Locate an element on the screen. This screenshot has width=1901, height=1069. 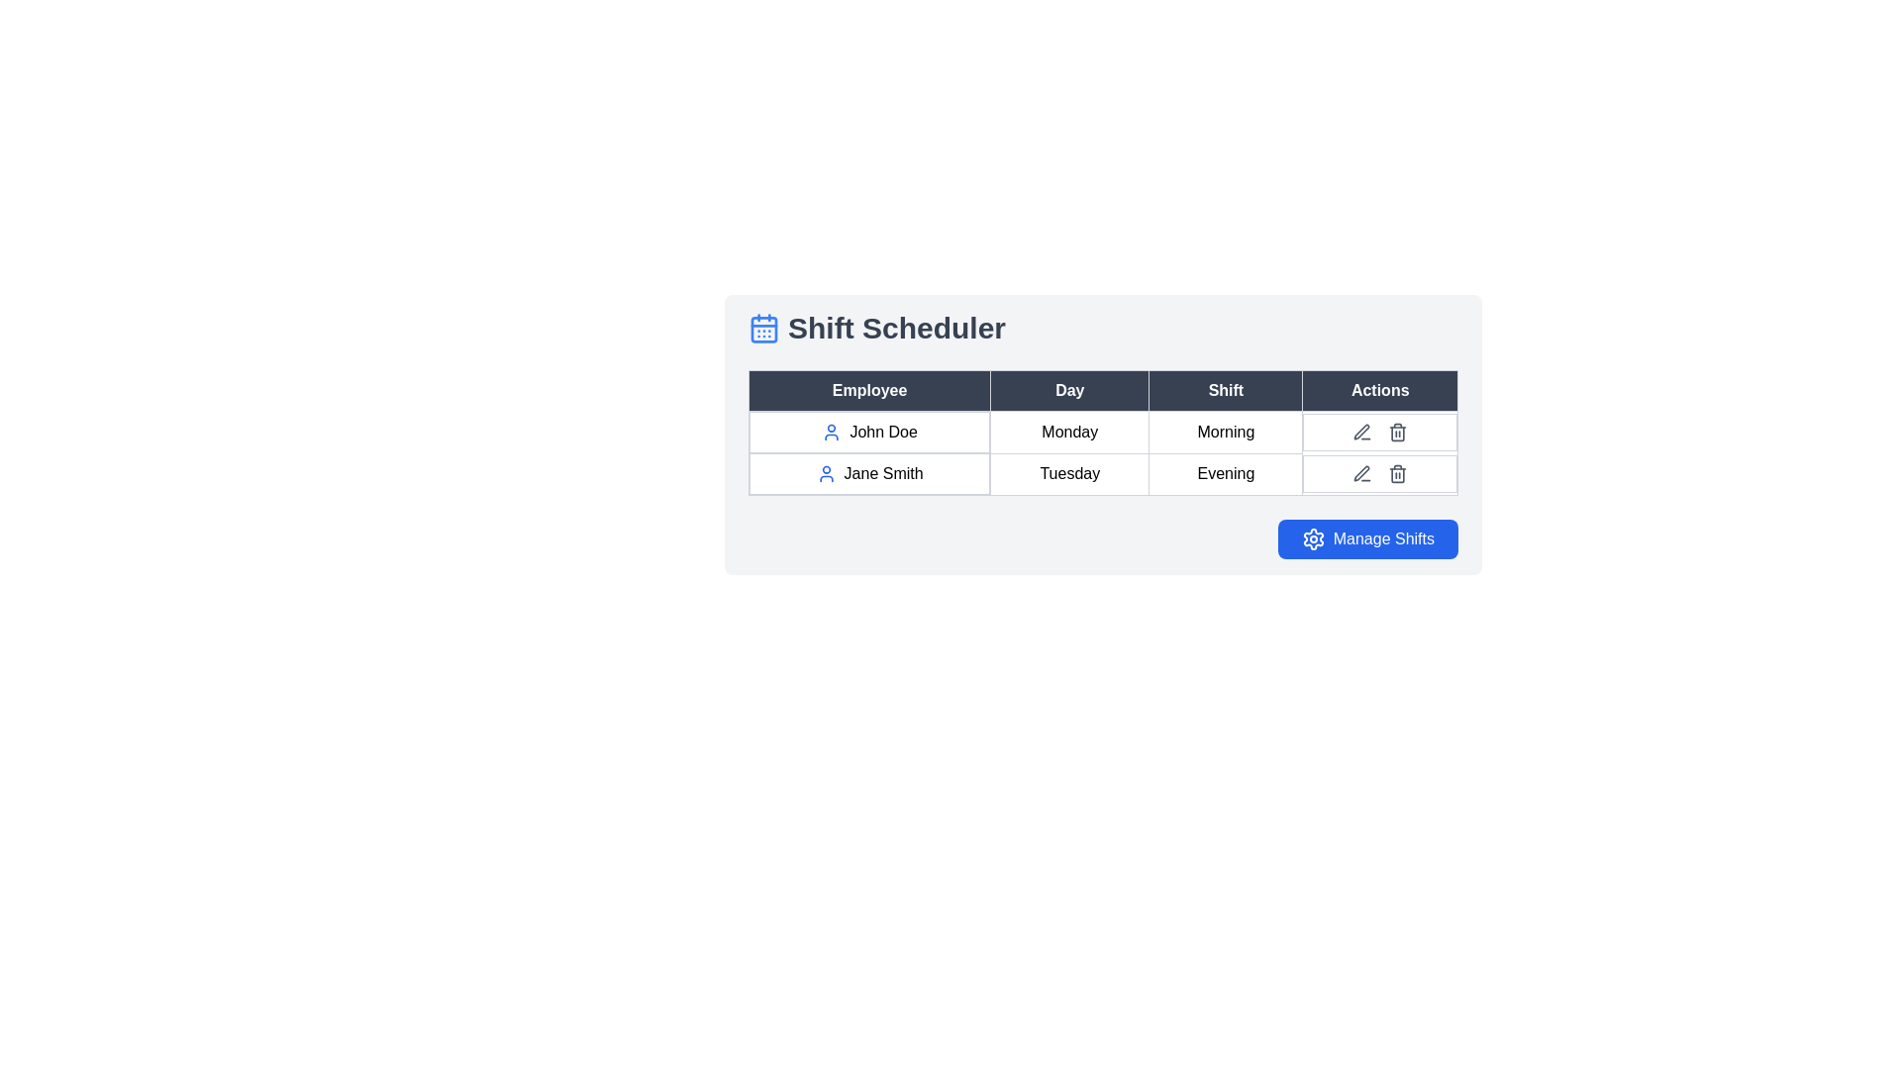
text from the label displaying 'Tuesday', which is styled with black text on a white background in the second row and second column of the table is located at coordinates (1068, 474).